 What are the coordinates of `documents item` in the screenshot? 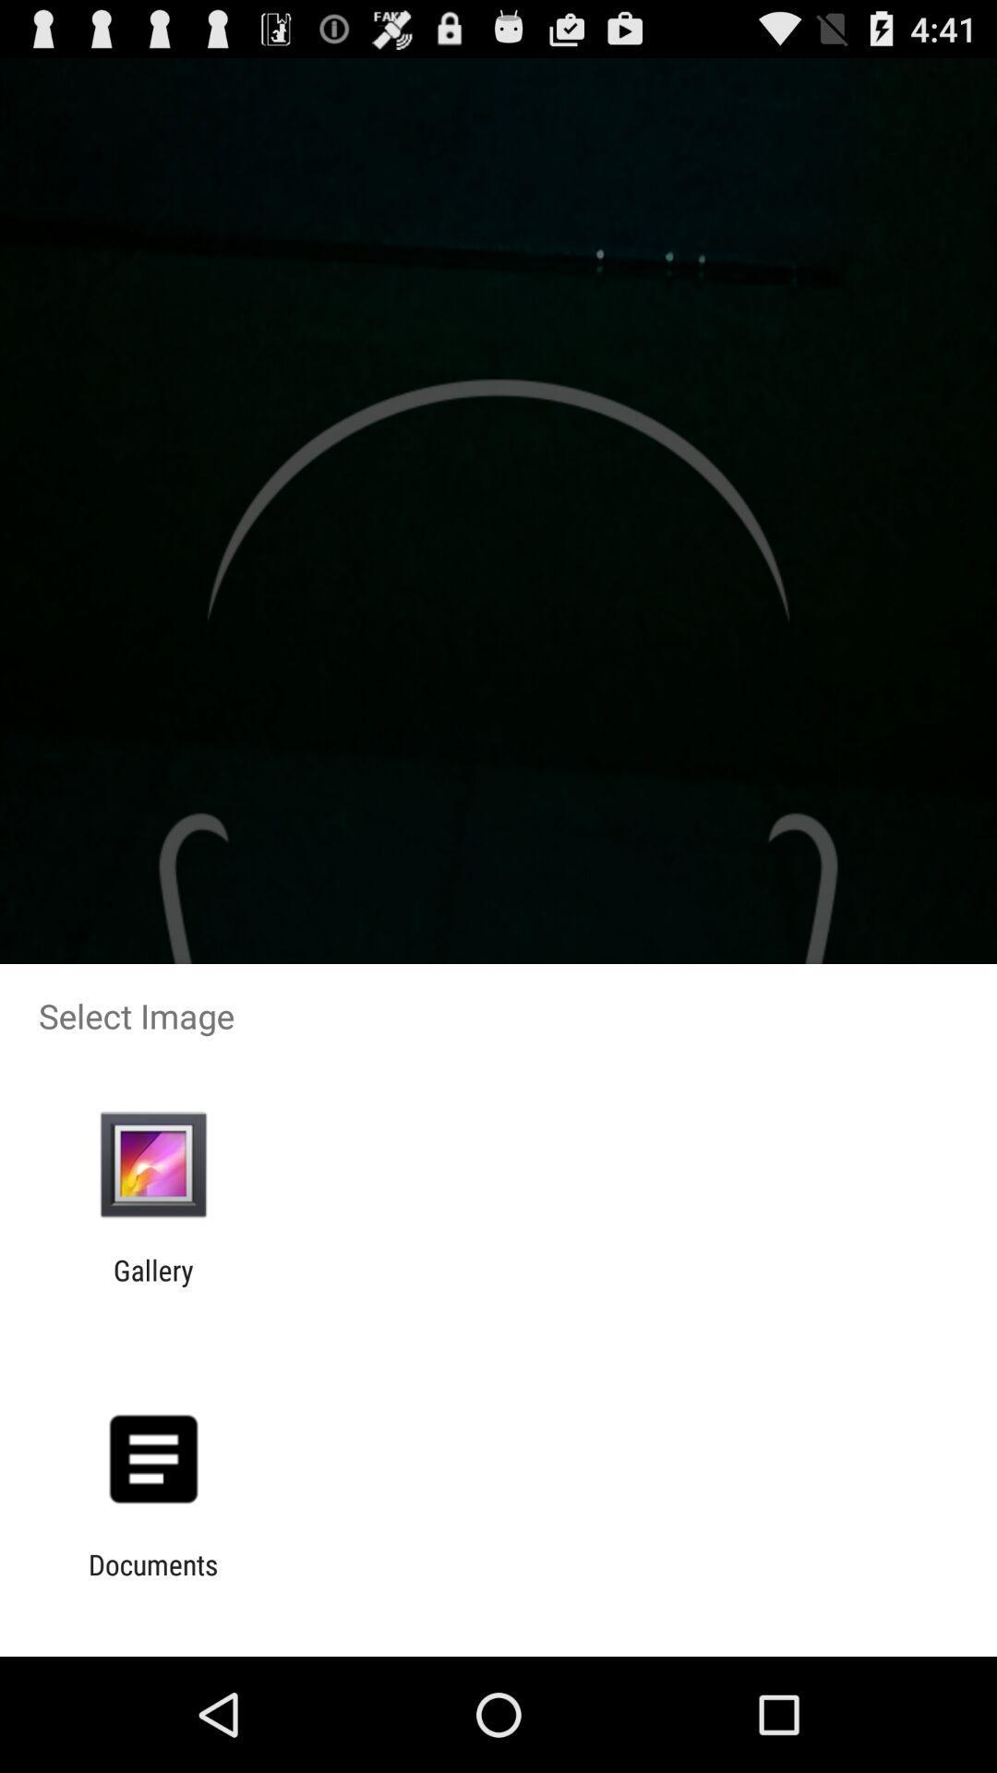 It's located at (152, 1580).